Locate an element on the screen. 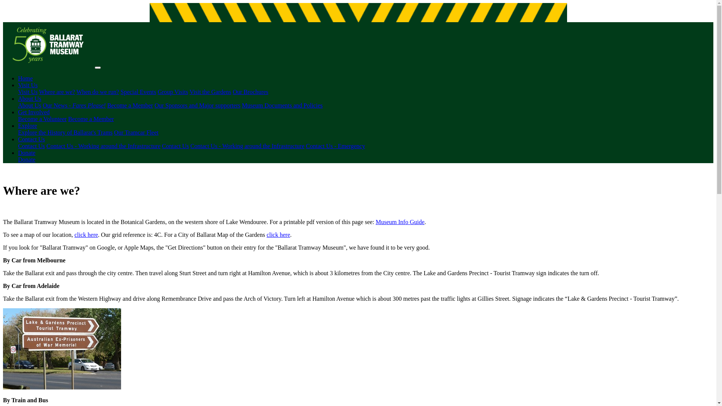 The height and width of the screenshot is (406, 722). 'Become a Member' is located at coordinates (130, 105).